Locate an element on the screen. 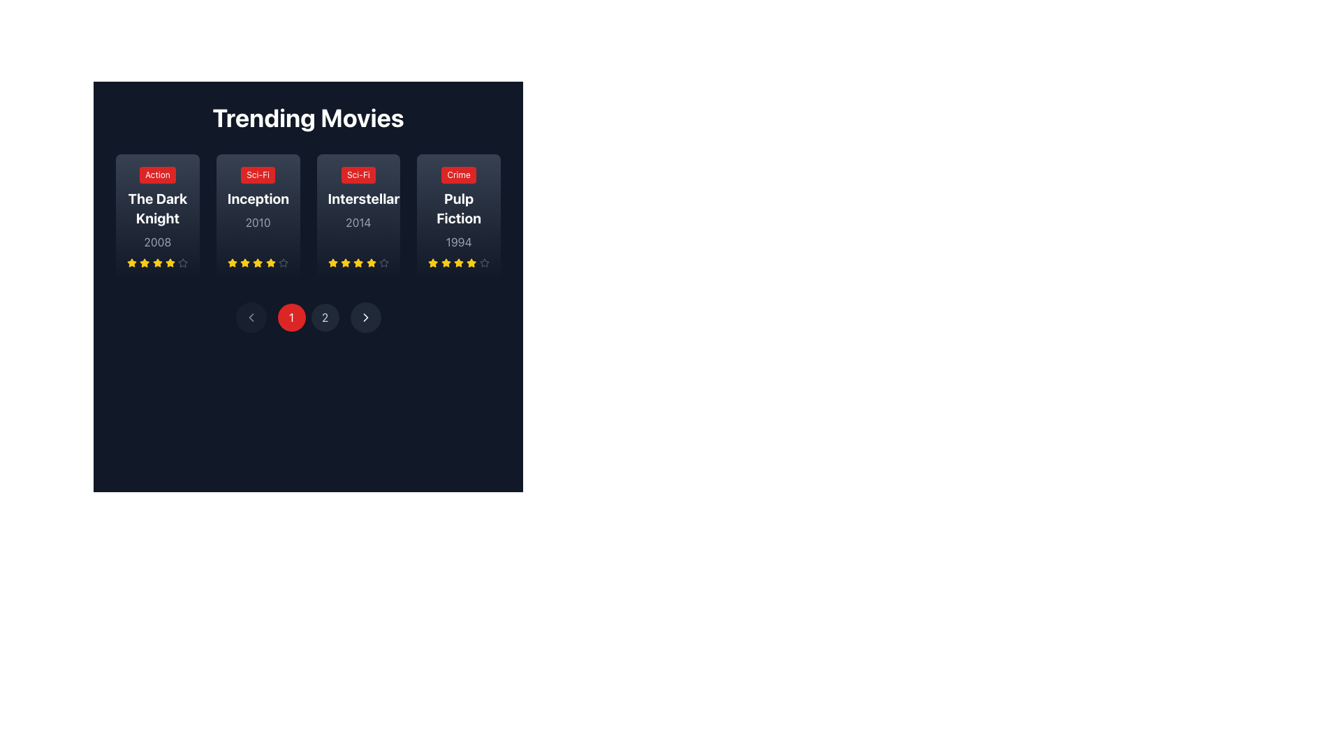 Image resolution: width=1341 pixels, height=754 pixels. the movie listing card for 'Interstellar' in the 'Trending Movies' section is located at coordinates (358, 198).